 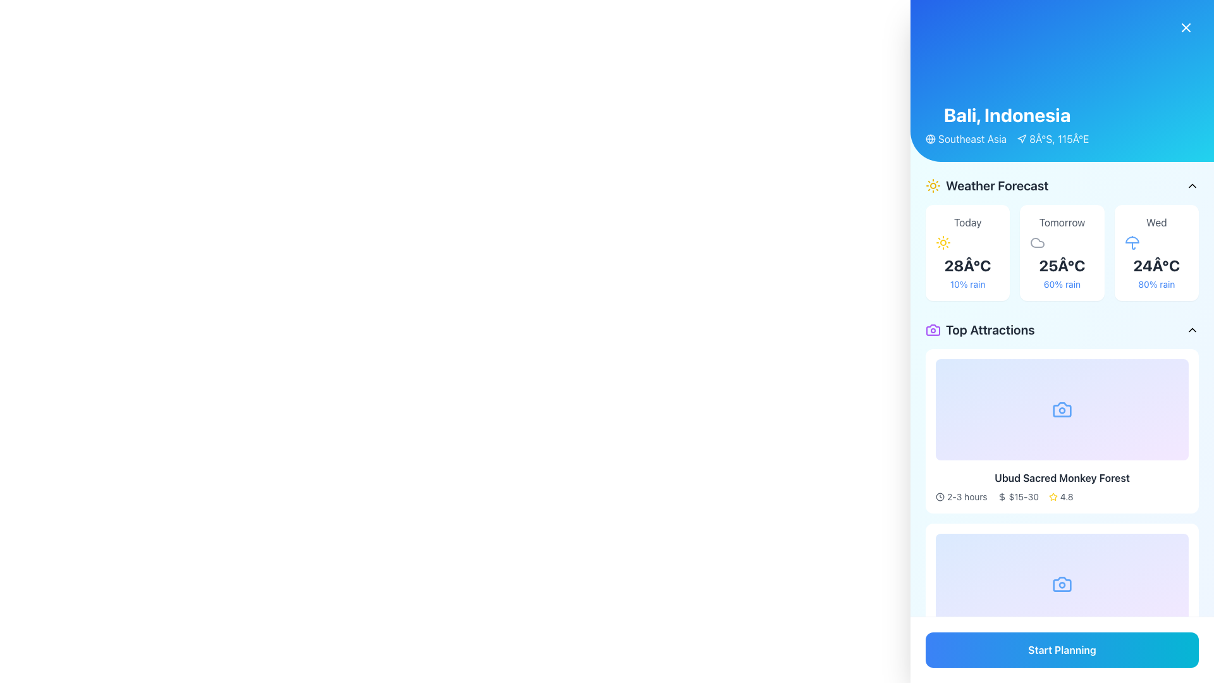 I want to click on text label displaying '4.8', which is positioned next to a star icon in the 'Top Attractions' section below 'Ubud Sacred Monkey Forest', so click(x=1066, y=670).